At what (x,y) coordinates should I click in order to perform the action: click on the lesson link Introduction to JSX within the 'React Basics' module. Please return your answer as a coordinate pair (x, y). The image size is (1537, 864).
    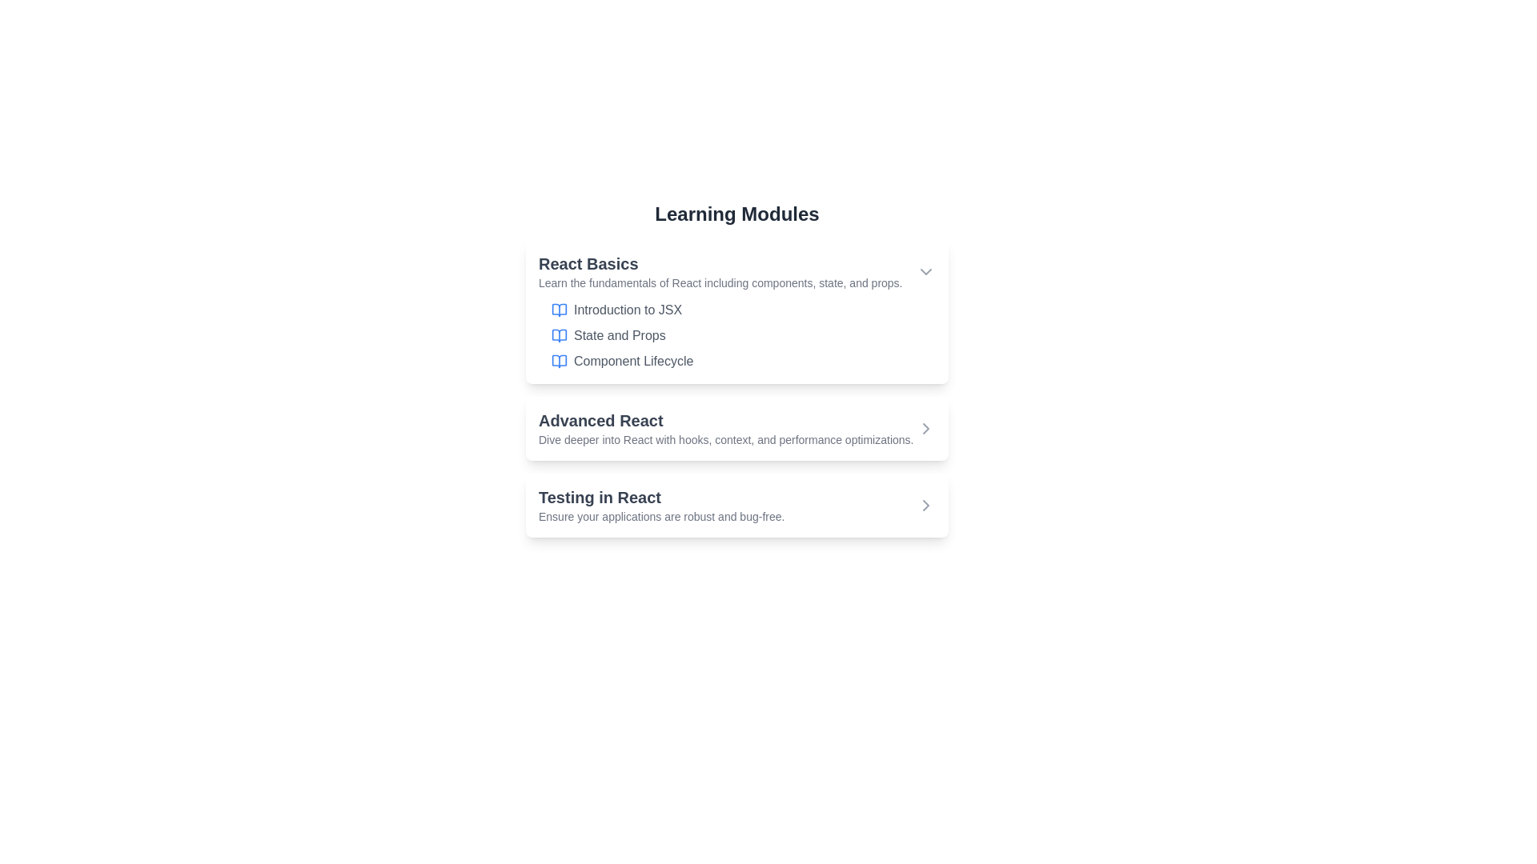
    Looking at the image, I should click on (627, 310).